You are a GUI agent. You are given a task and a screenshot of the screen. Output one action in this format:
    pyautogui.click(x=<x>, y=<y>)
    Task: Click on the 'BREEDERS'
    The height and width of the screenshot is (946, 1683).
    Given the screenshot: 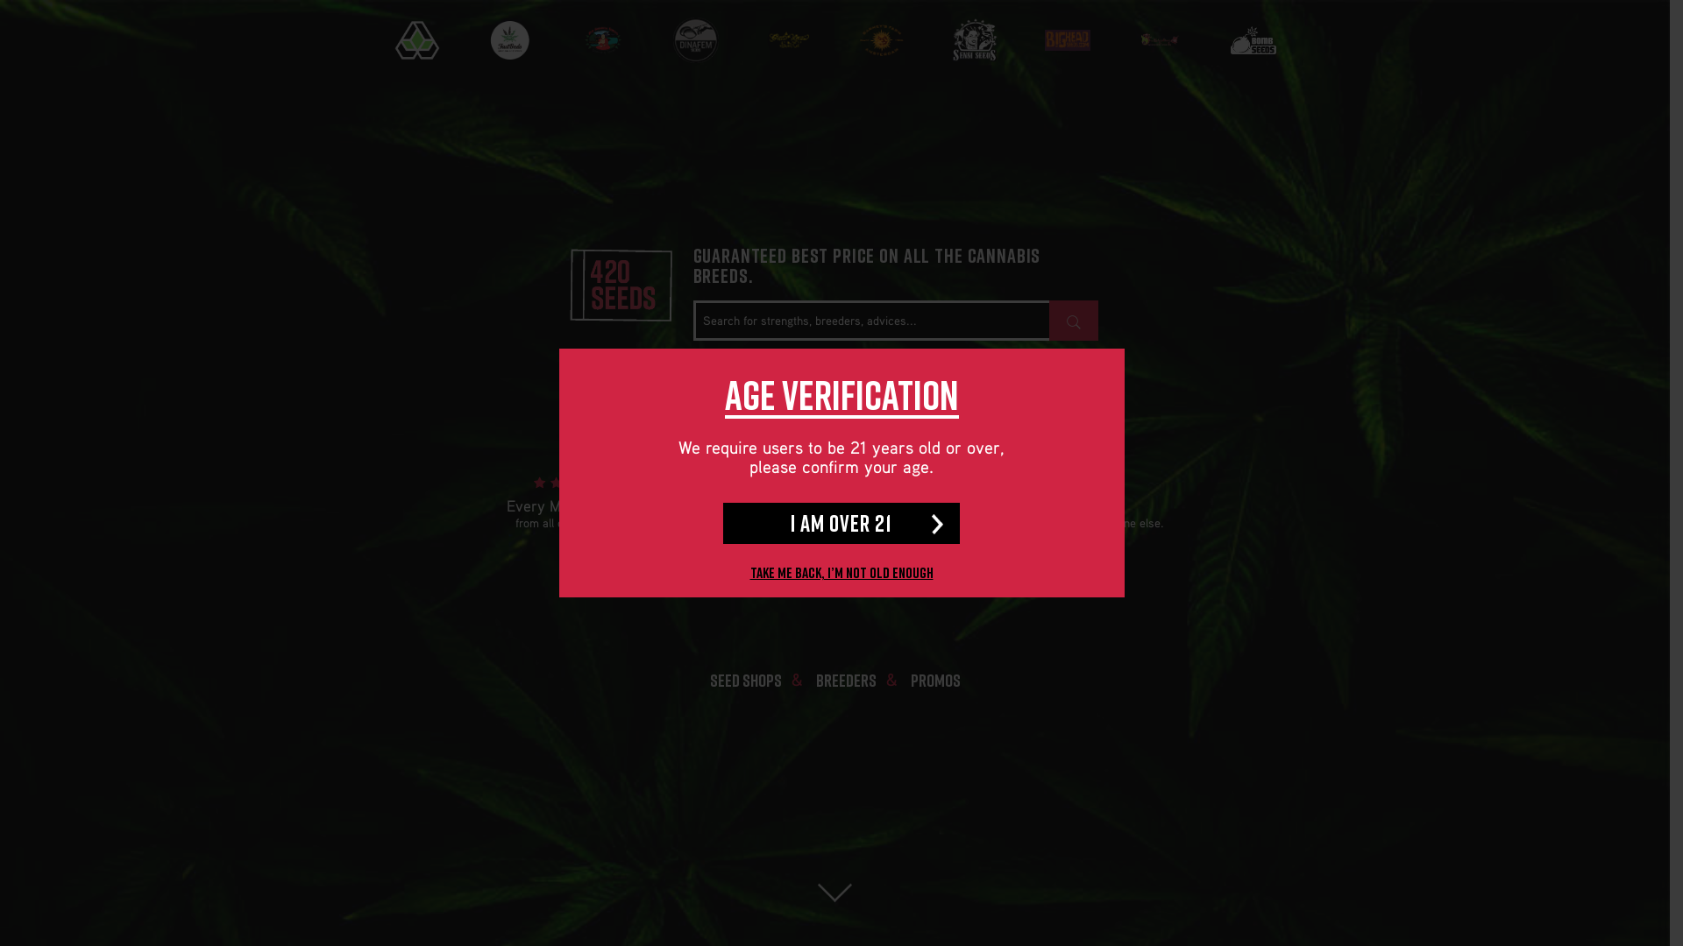 What is the action you would take?
    pyautogui.click(x=845, y=678)
    